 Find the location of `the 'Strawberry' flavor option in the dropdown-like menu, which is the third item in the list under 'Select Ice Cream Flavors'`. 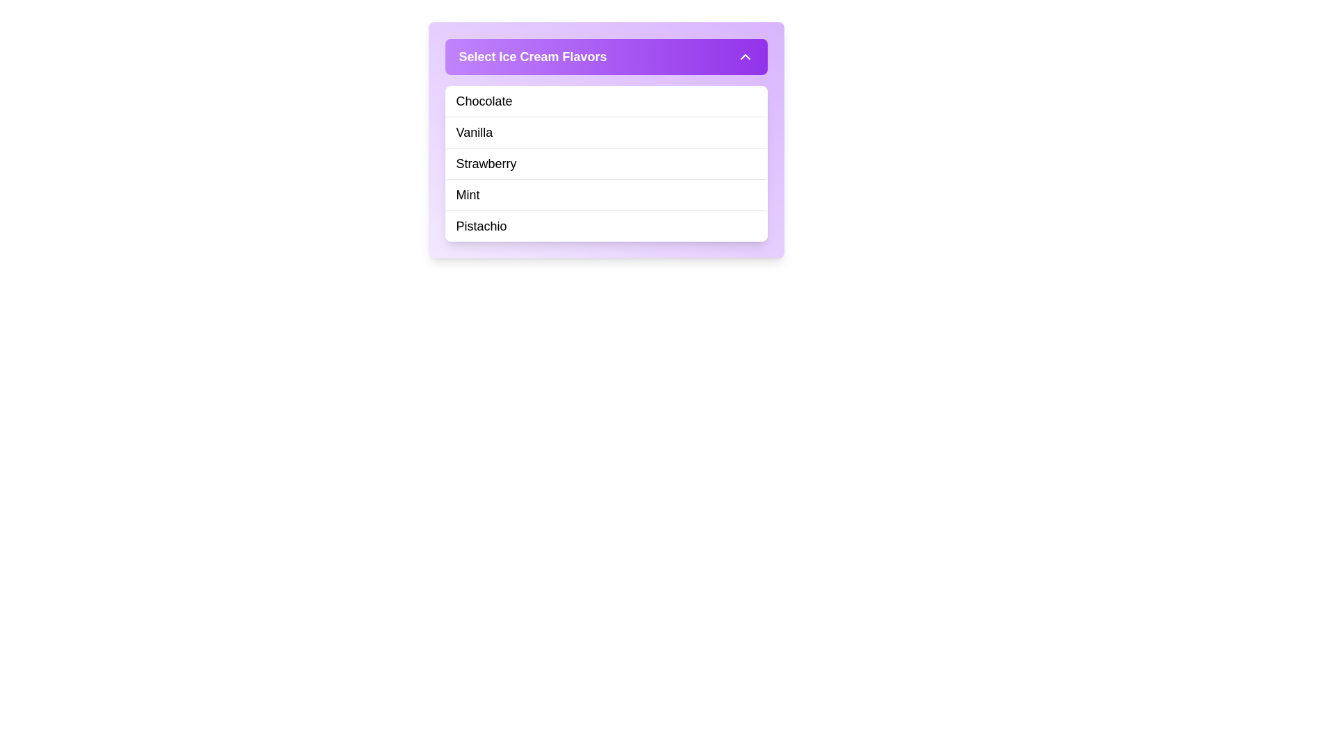

the 'Strawberry' flavor option in the dropdown-like menu, which is the third item in the list under 'Select Ice Cream Flavors' is located at coordinates (486, 162).